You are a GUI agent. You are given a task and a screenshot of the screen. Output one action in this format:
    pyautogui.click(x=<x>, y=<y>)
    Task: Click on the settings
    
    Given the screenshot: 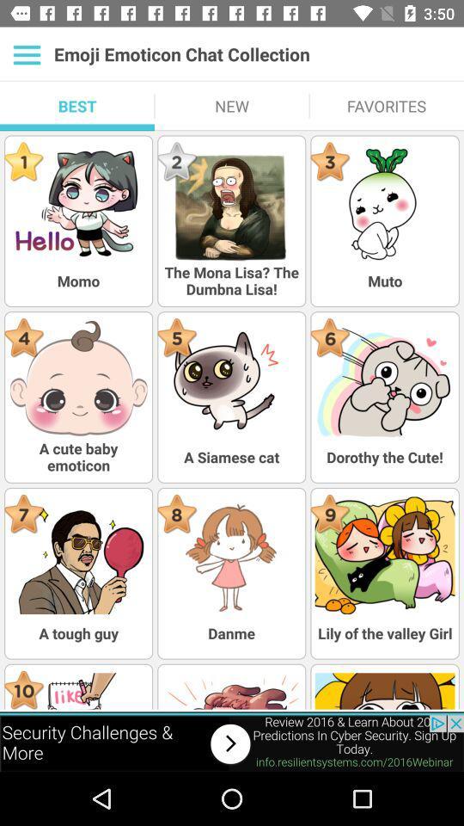 What is the action you would take?
    pyautogui.click(x=26, y=54)
    